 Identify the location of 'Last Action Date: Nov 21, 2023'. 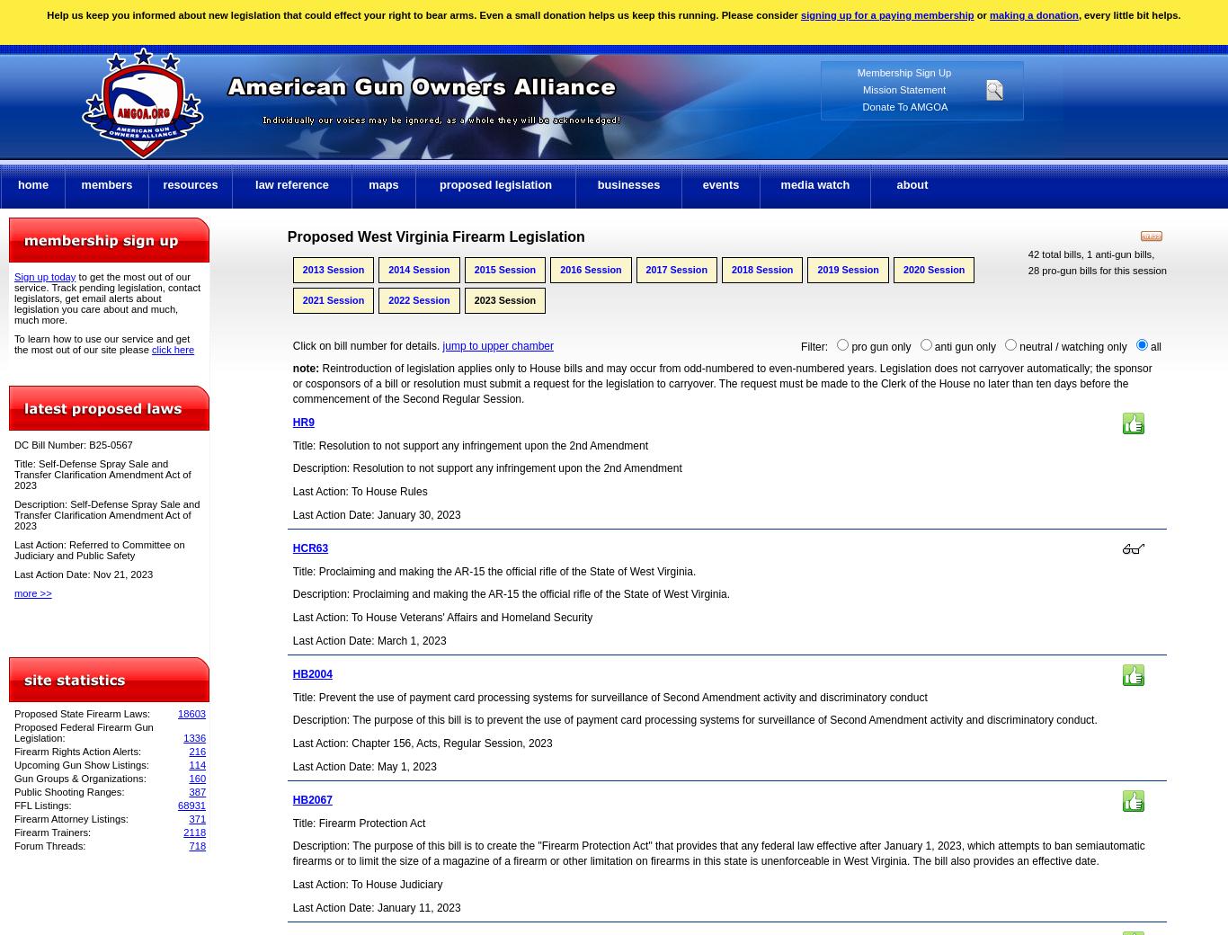
(84, 573).